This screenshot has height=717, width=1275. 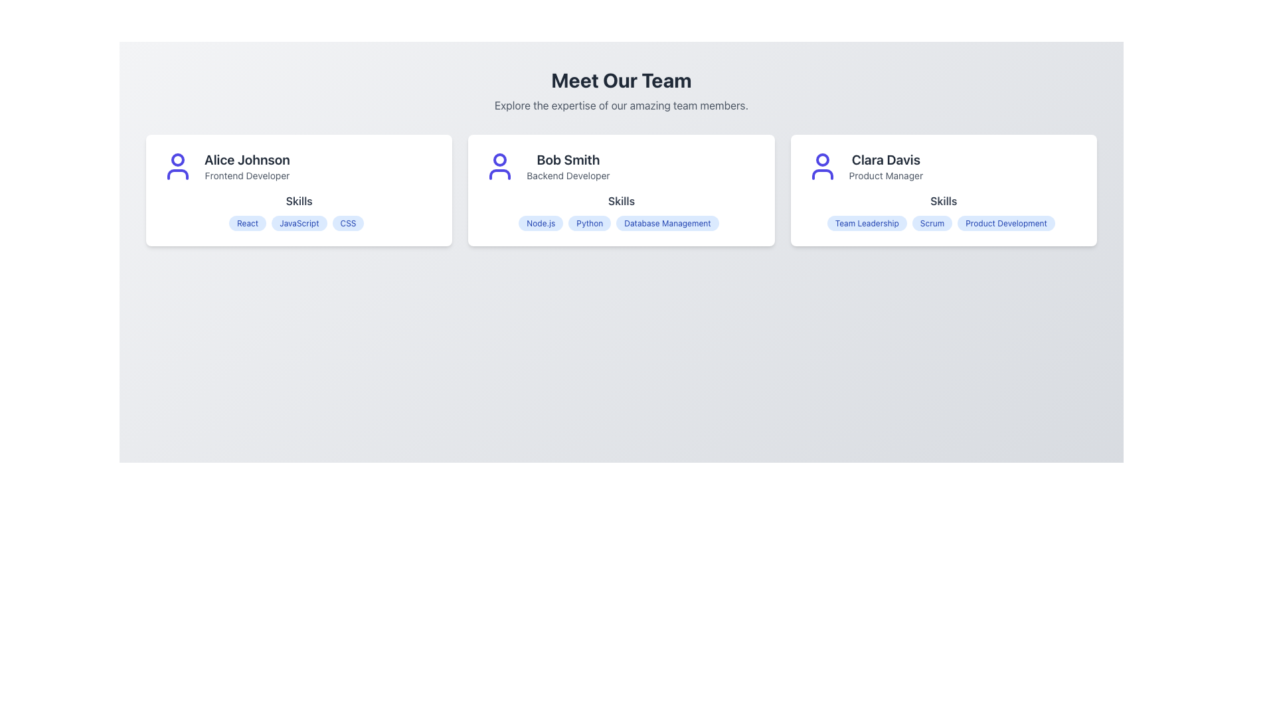 I want to click on the subtitle text located below the 'Meet Our Team' heading, which describes the section showcasing team members, so click(x=621, y=104).